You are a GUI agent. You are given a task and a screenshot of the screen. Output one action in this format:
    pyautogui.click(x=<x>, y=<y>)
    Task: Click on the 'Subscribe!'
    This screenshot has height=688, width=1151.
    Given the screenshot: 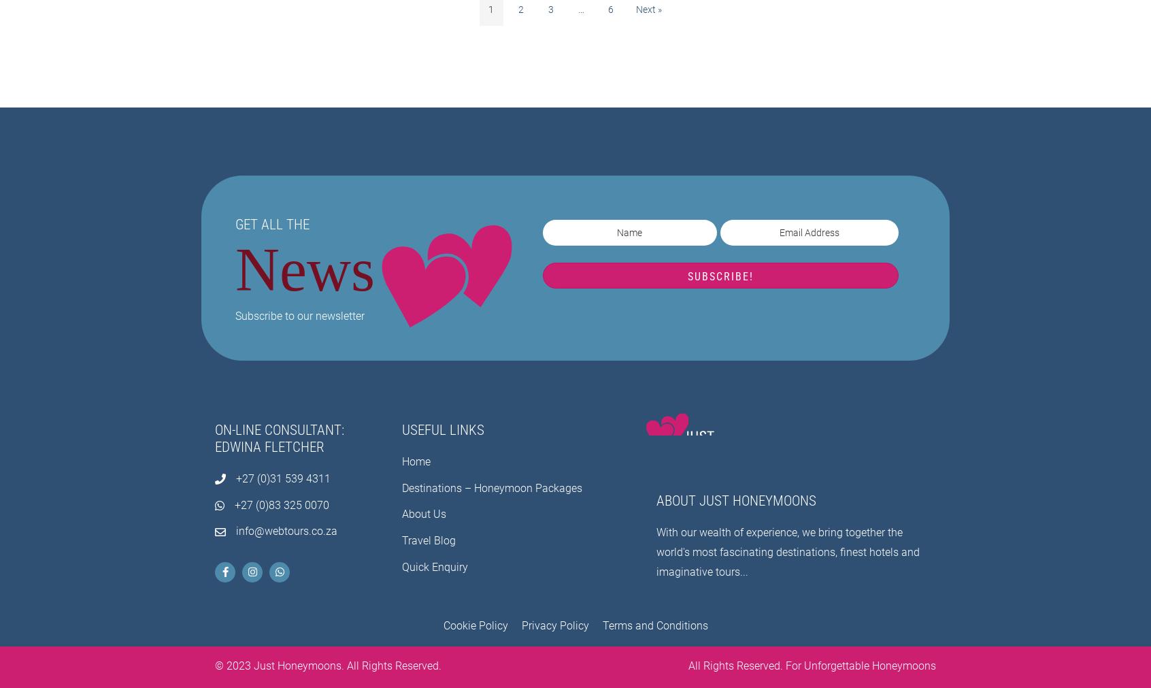 What is the action you would take?
    pyautogui.click(x=720, y=275)
    